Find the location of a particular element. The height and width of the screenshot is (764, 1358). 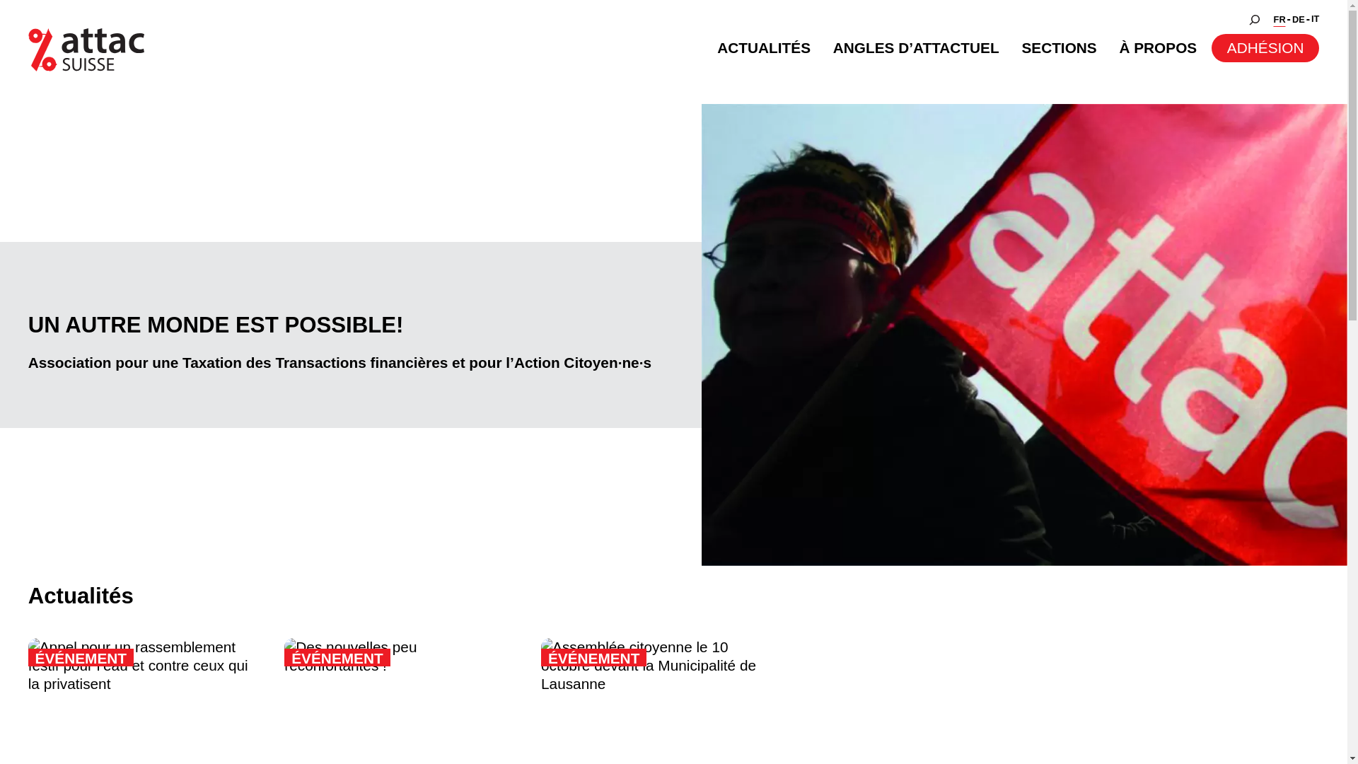

'IT' is located at coordinates (1314, 19).